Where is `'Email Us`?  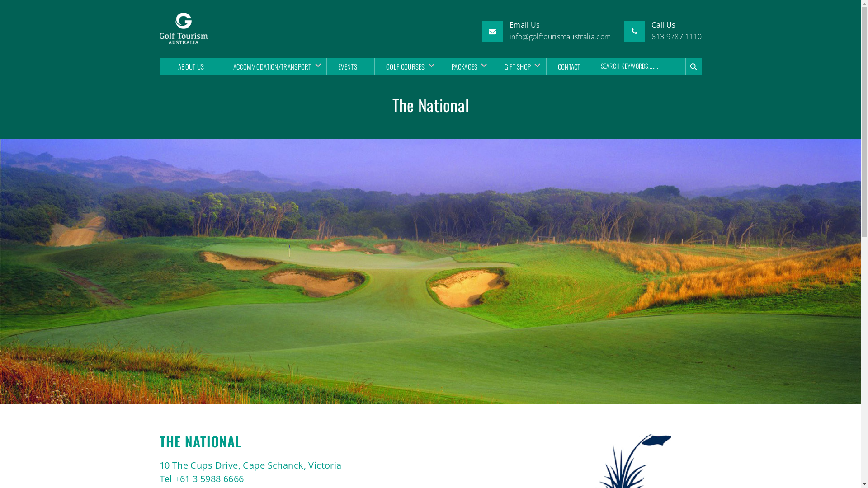
'Email Us is located at coordinates (559, 30).